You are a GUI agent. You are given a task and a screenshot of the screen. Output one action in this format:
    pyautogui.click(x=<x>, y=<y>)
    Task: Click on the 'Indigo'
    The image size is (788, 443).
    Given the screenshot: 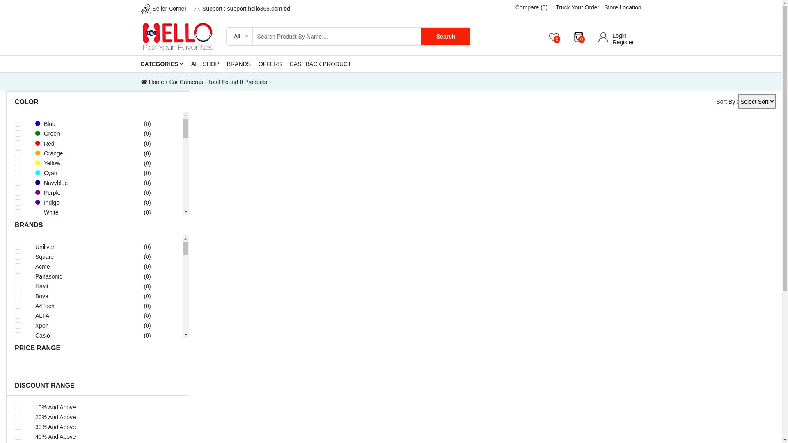 What is the action you would take?
    pyautogui.click(x=73, y=202)
    